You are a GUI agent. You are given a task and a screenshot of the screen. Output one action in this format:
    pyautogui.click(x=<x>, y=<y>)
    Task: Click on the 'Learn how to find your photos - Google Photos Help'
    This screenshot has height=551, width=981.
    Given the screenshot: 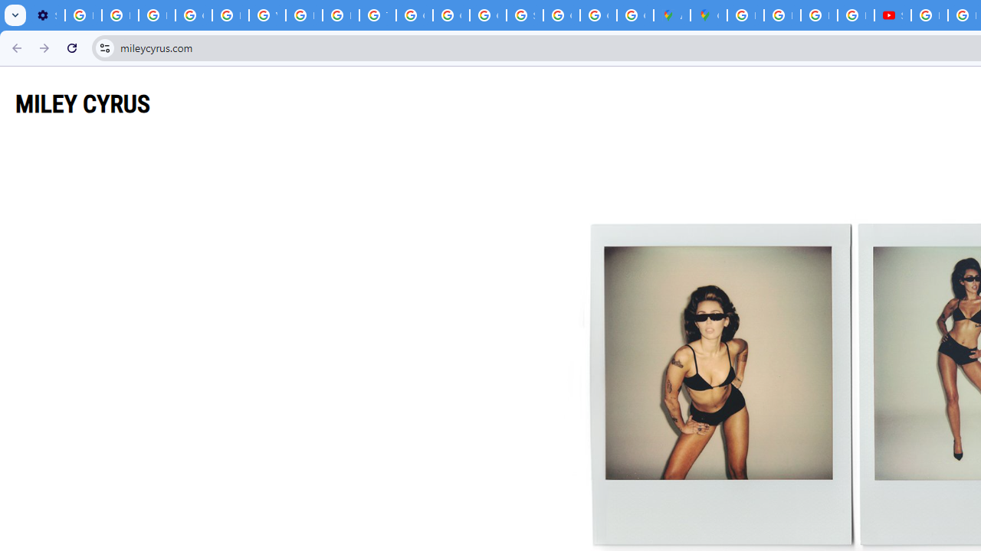 What is the action you would take?
    pyautogui.click(x=119, y=15)
    